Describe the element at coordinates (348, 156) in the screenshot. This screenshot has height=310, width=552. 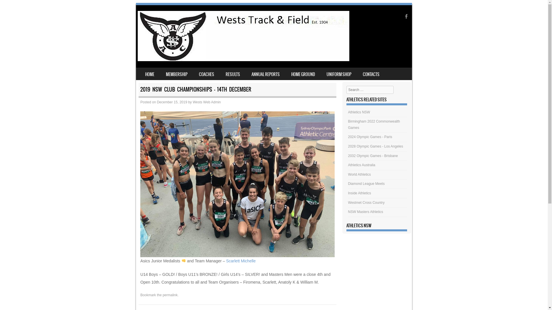
I see `'2032 Olympic Games - Brisbane'` at that location.